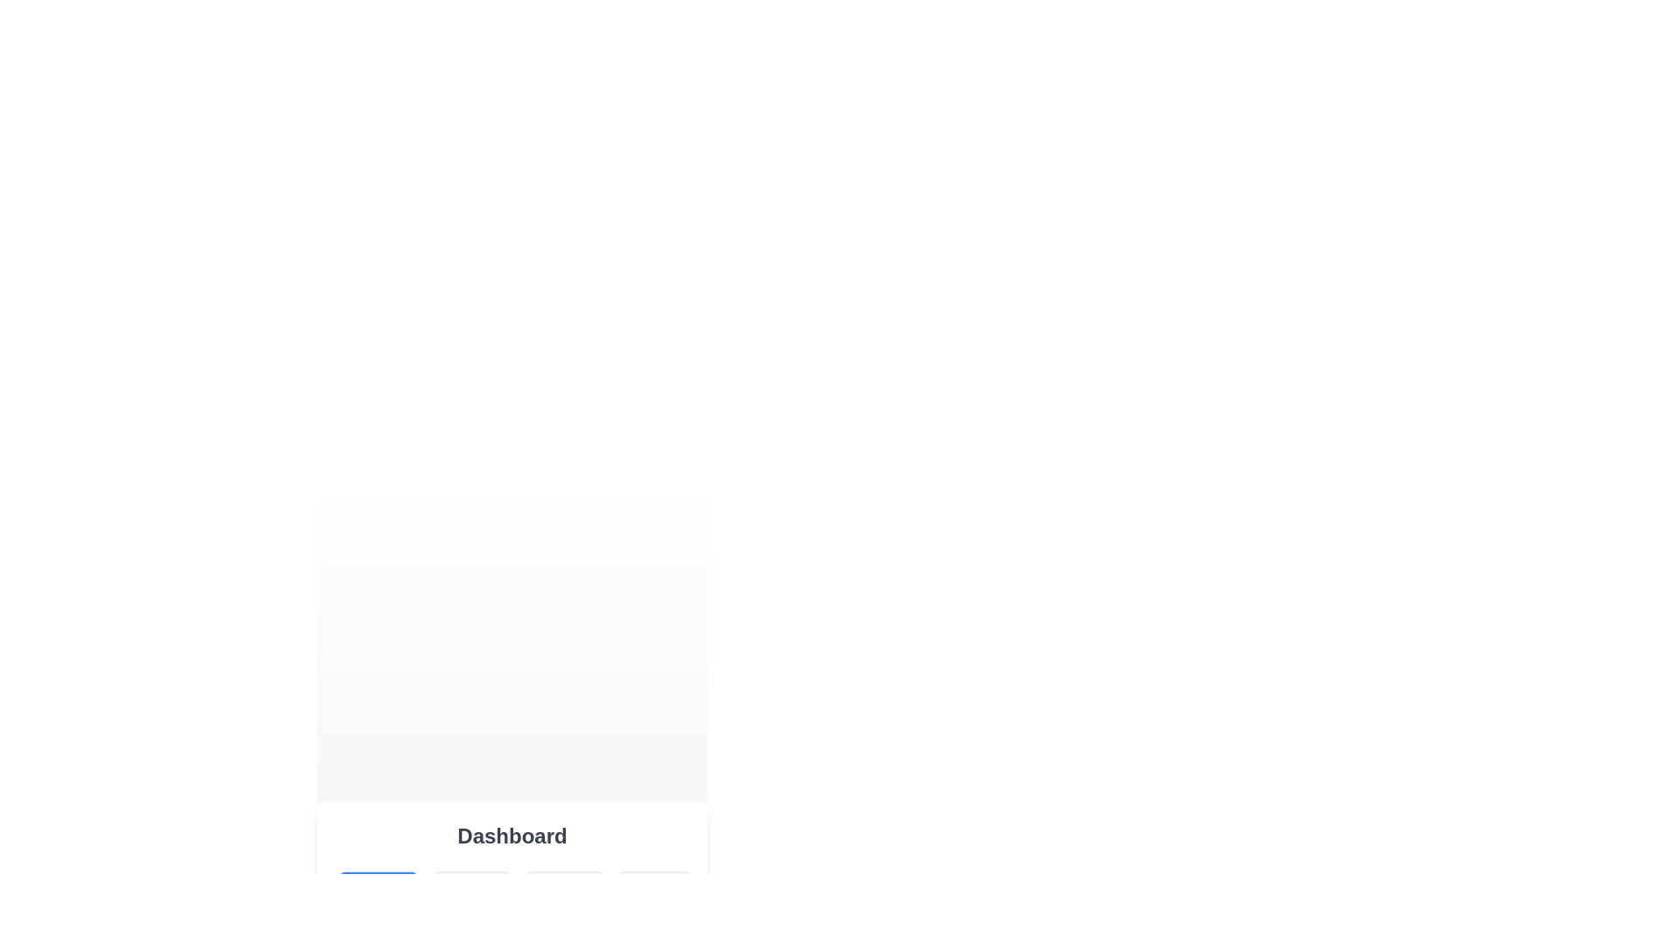  What do you see at coordinates (377, 908) in the screenshot?
I see `the Overview button to display its content` at bounding box center [377, 908].